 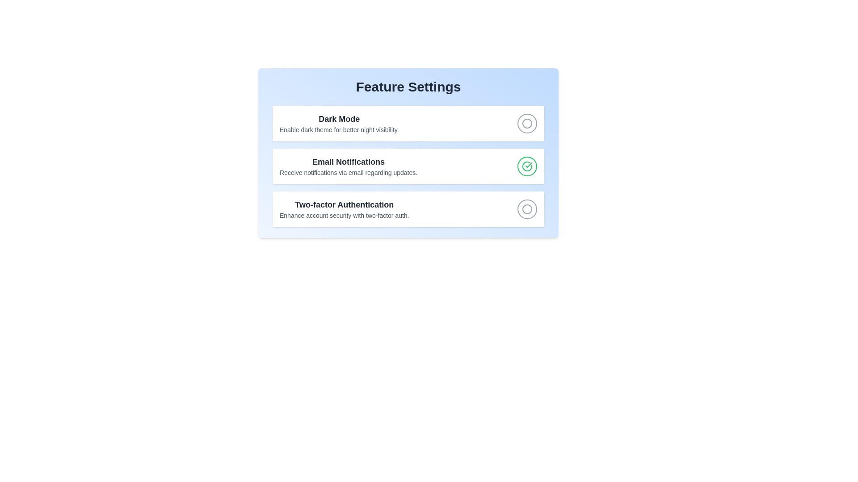 I want to click on the circular toggle button for 'Dark Mode' located in the 'Feature Settings' section, so click(x=408, y=124).